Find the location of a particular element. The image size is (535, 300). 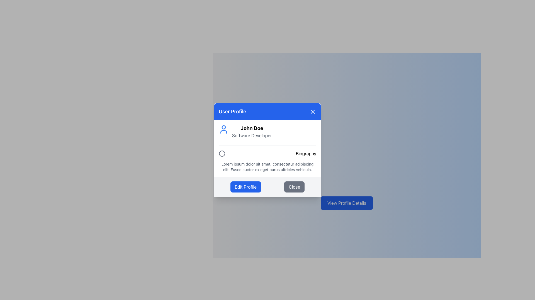

the black decorative icon resembling a stylized person, located at the center of the user profile modal dialog box, positioned above the textual name and title information is located at coordinates (223, 132).